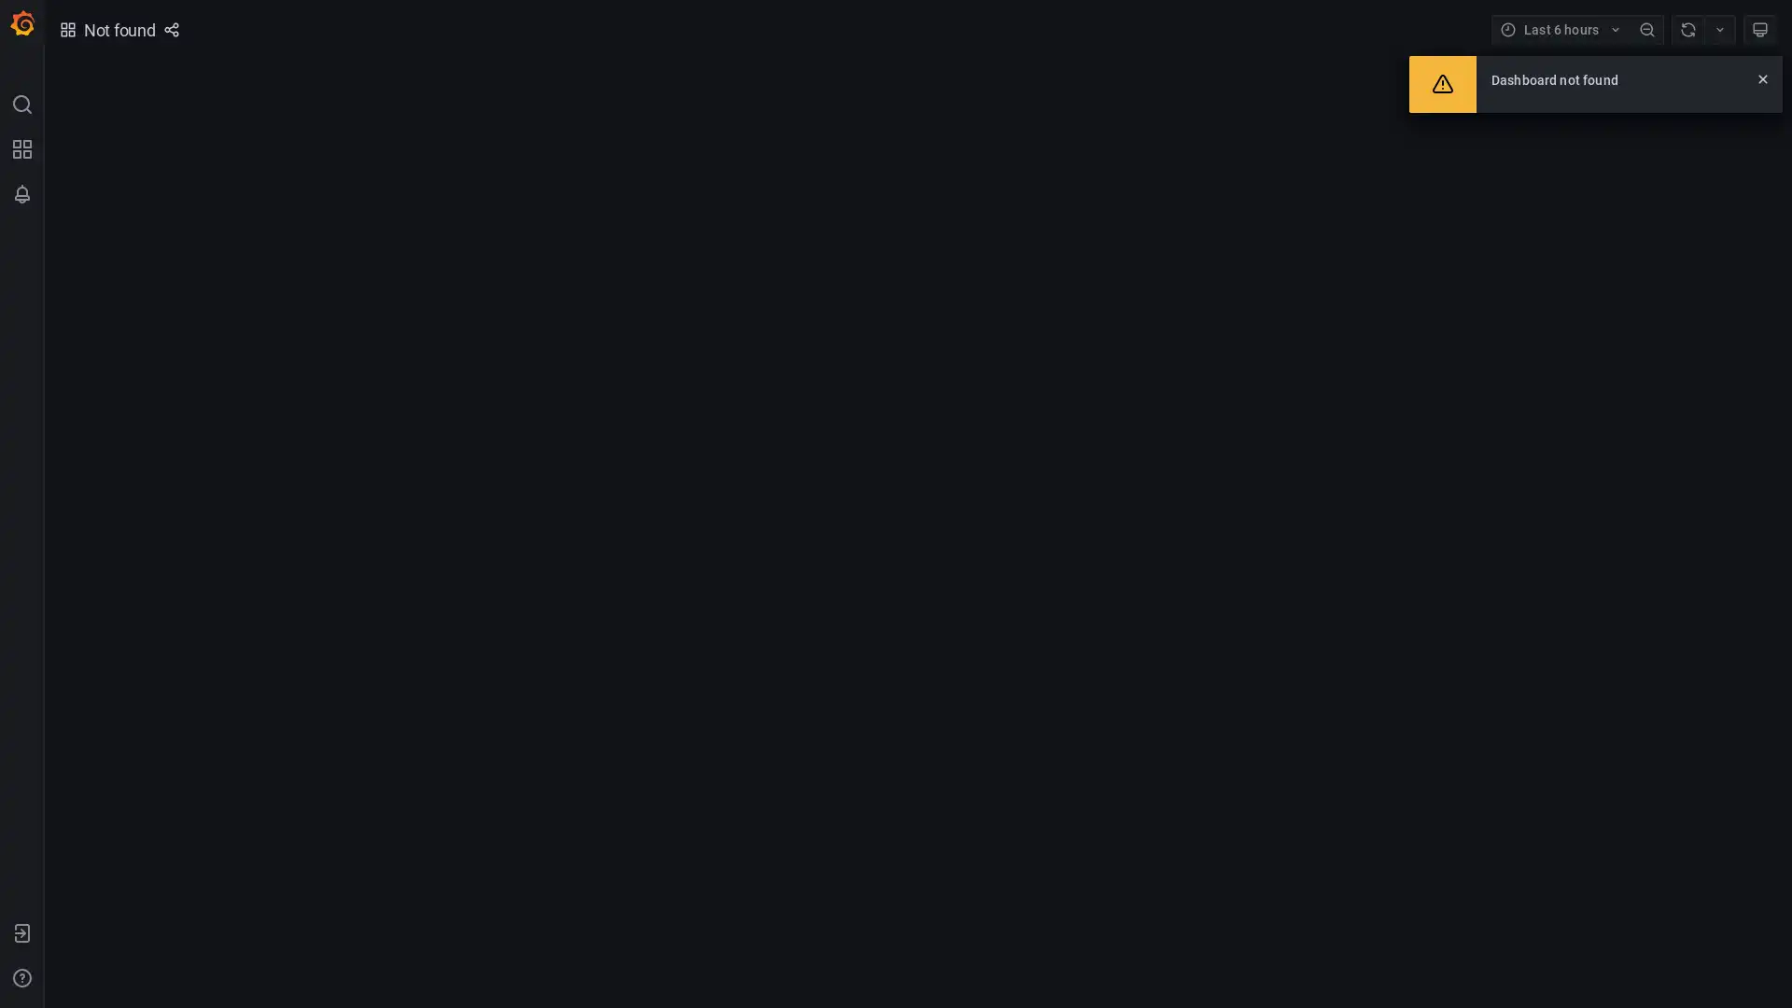  What do you see at coordinates (1687, 29) in the screenshot?
I see `Refresh dashboard` at bounding box center [1687, 29].